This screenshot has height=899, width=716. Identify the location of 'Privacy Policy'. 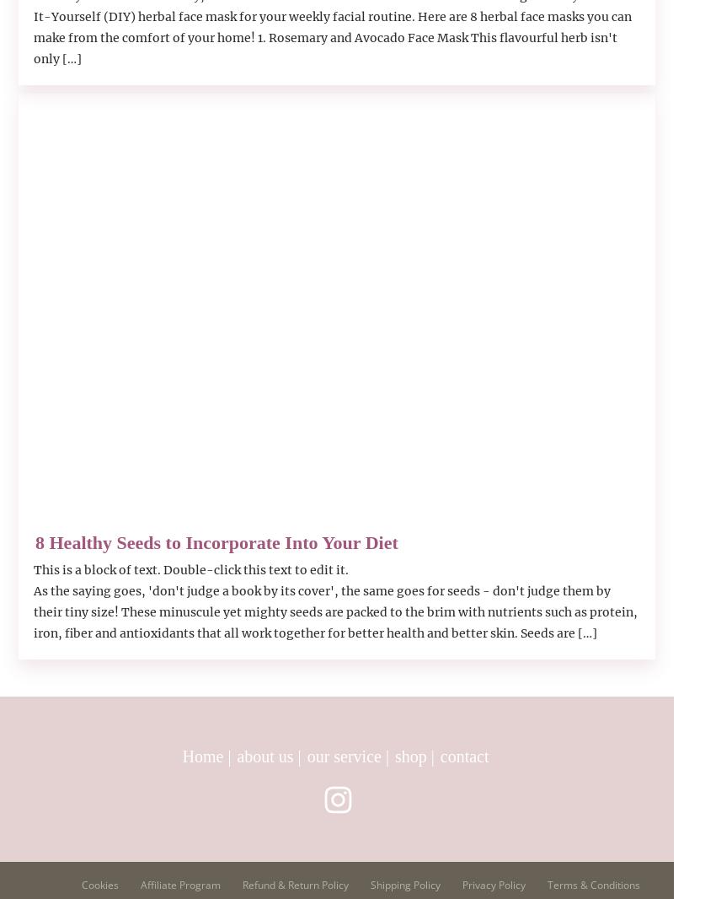
(494, 885).